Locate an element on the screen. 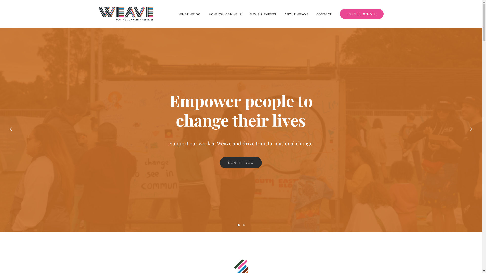 This screenshot has height=273, width=486. 'CONTACT' is located at coordinates (324, 13).